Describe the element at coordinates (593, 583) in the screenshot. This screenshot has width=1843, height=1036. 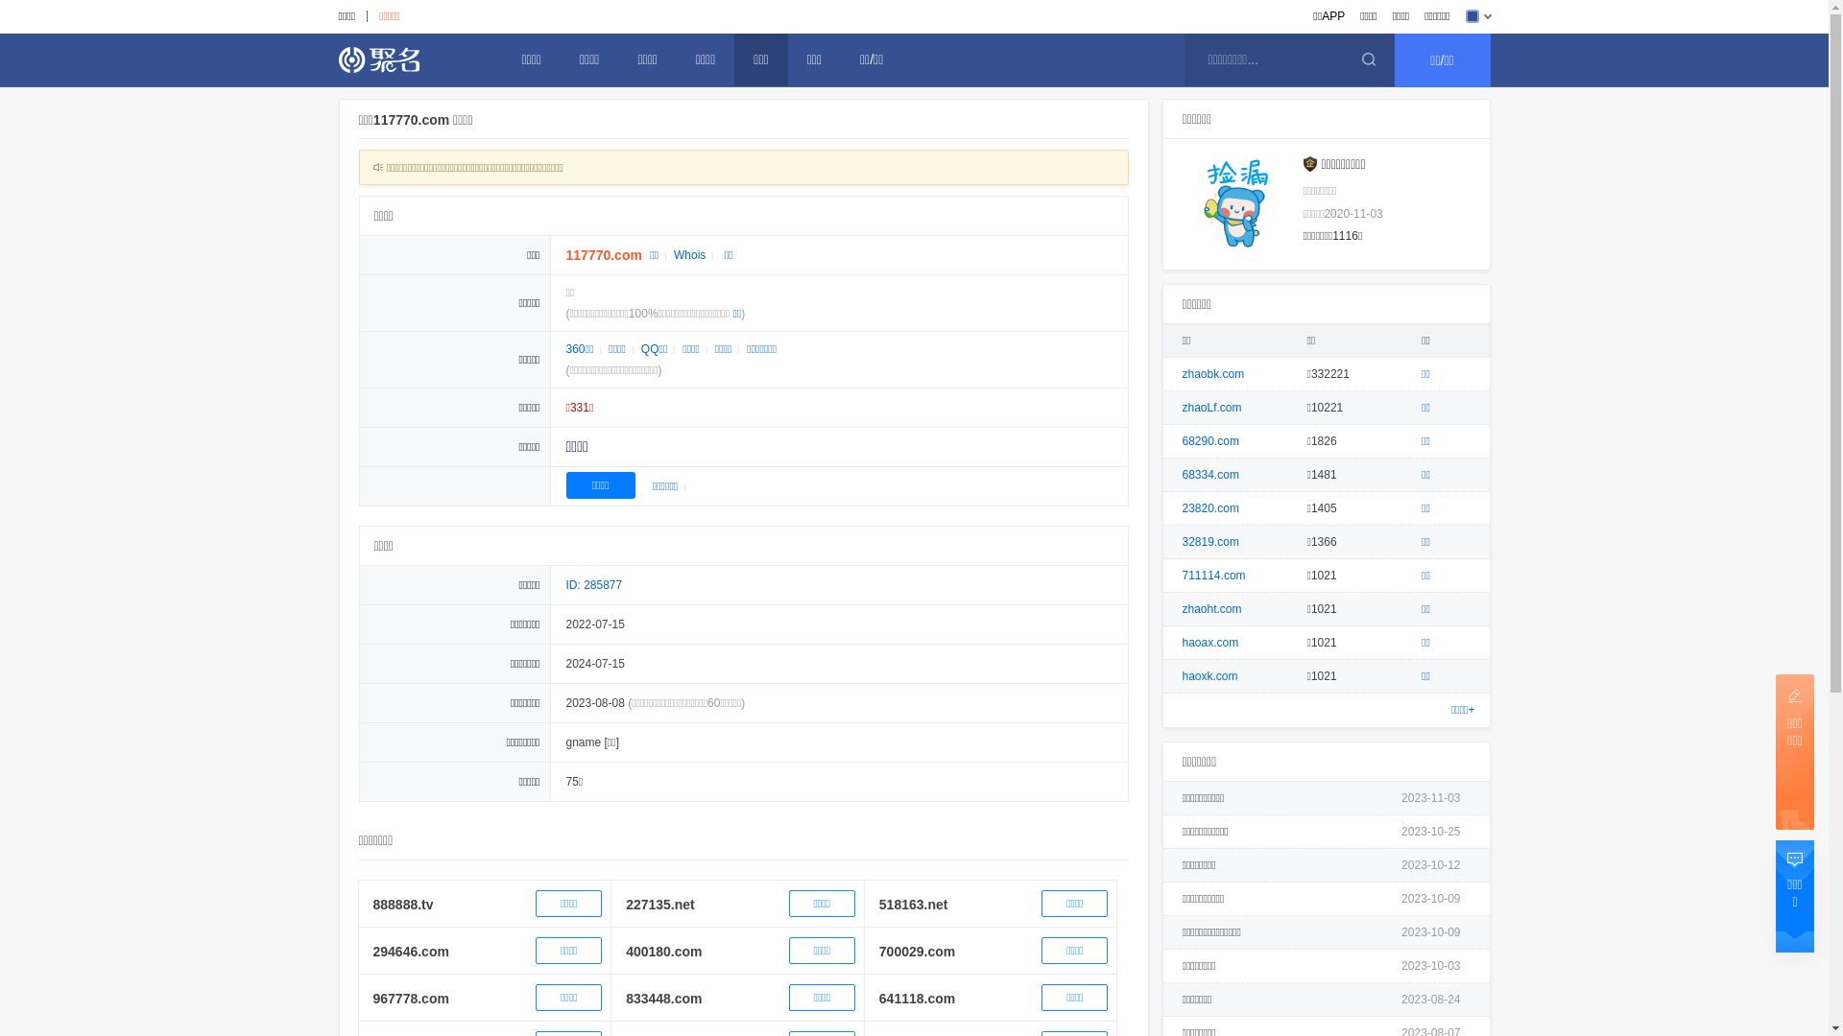
I see `'ID: 285877'` at that location.